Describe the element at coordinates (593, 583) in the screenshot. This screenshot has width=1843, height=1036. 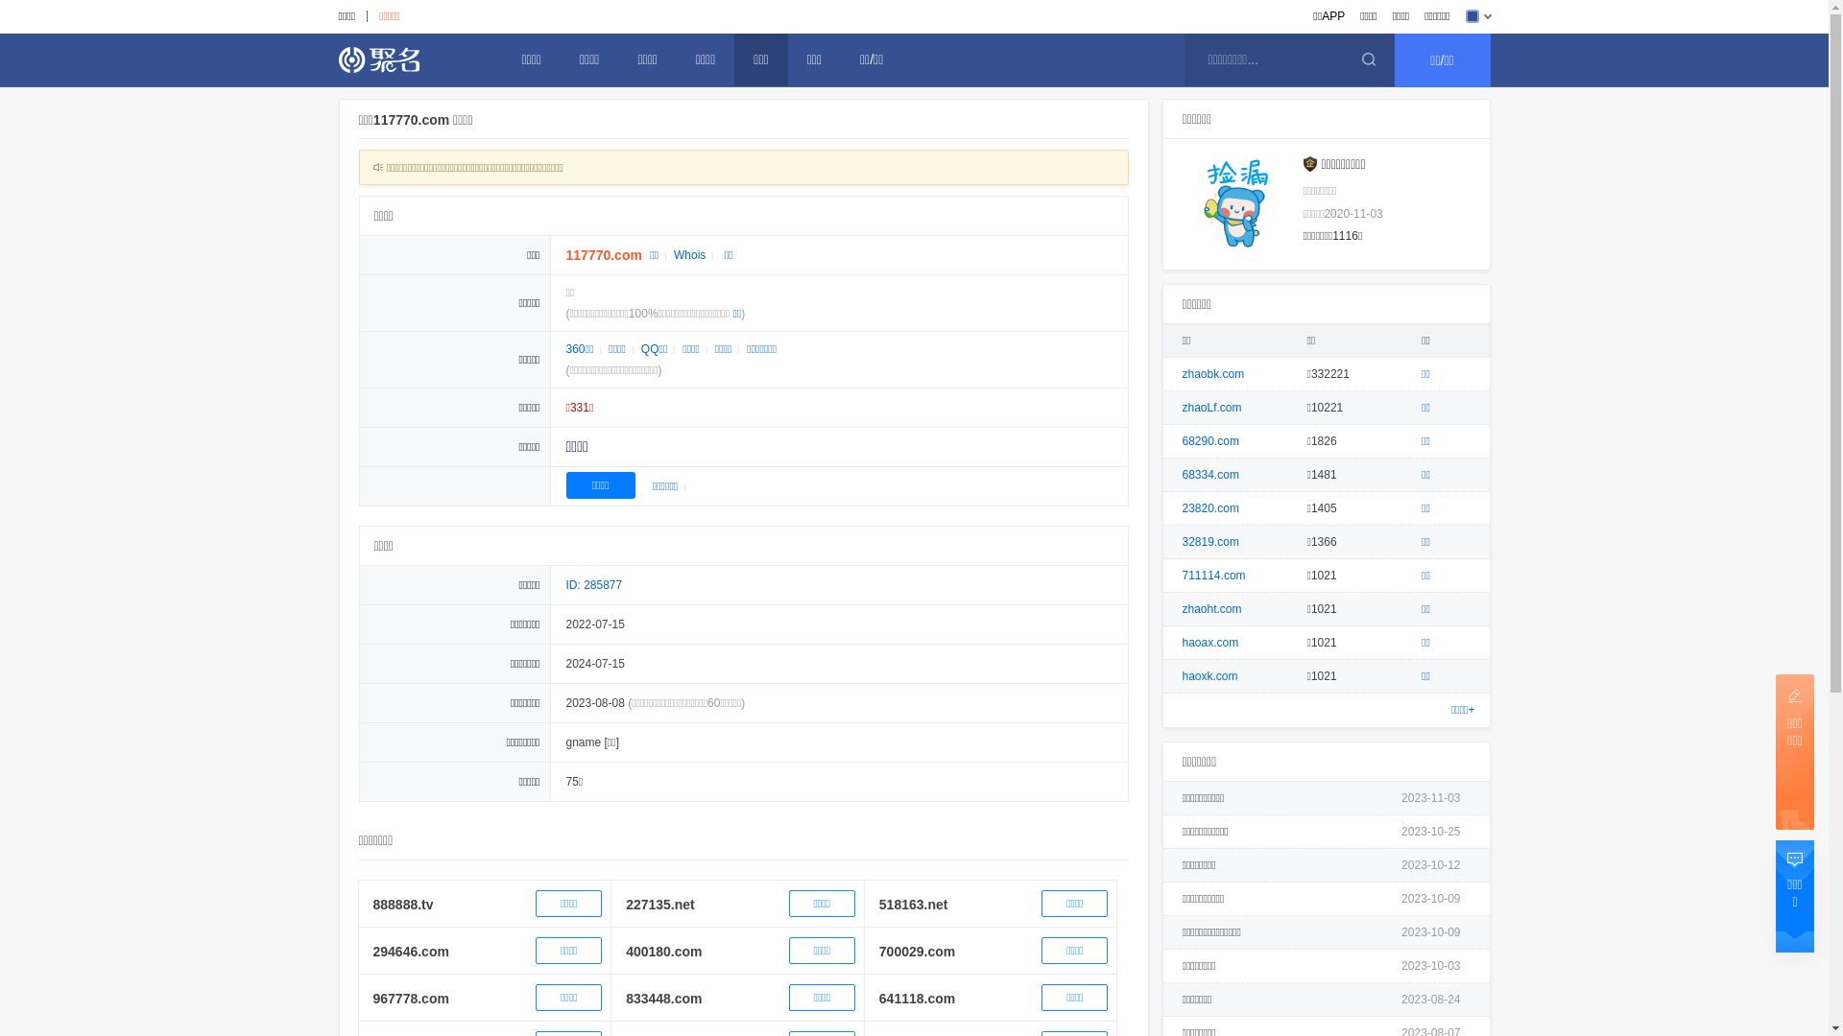
I see `'ID: 285877'` at that location.